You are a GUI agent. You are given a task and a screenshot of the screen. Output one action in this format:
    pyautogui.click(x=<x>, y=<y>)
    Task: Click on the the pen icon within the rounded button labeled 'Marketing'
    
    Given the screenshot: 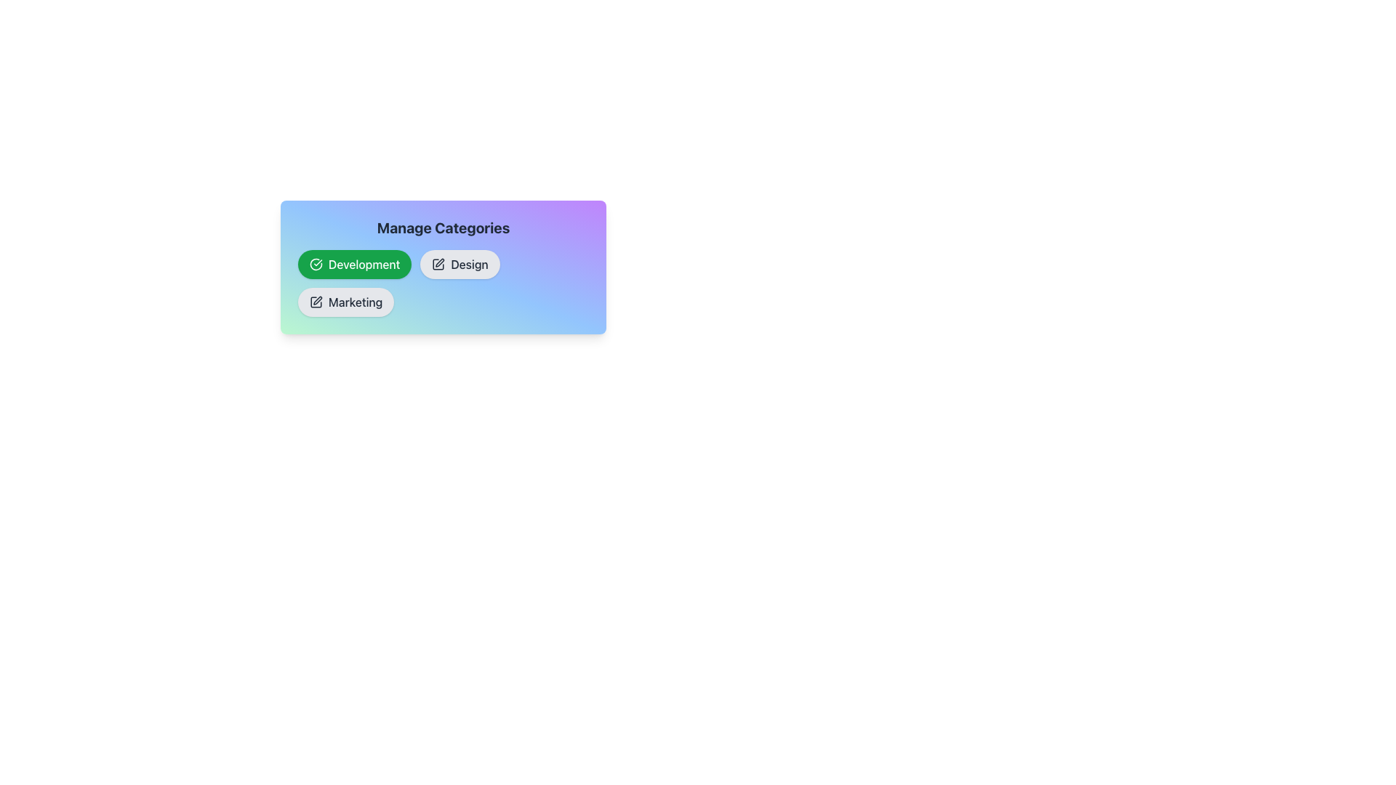 What is the action you would take?
    pyautogui.click(x=316, y=302)
    